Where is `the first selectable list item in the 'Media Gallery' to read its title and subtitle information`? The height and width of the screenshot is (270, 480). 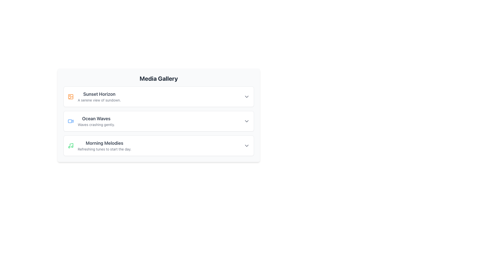
the first selectable list item in the 'Media Gallery' to read its title and subtitle information is located at coordinates (158, 96).